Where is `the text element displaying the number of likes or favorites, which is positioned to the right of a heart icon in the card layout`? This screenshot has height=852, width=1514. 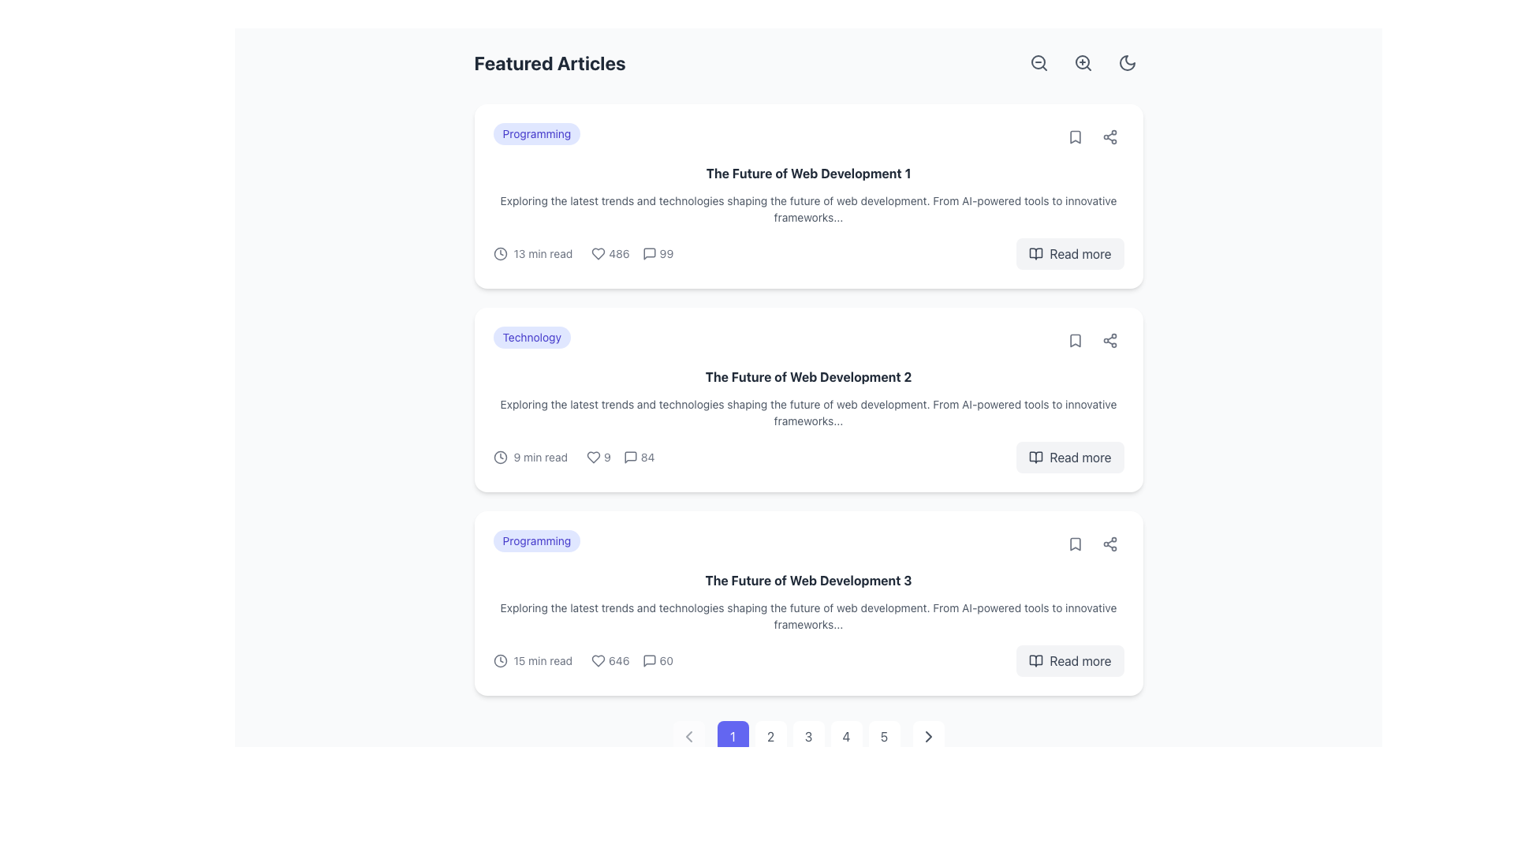
the text element displaying the number of likes or favorites, which is positioned to the right of a heart icon in the card layout is located at coordinates (606, 457).